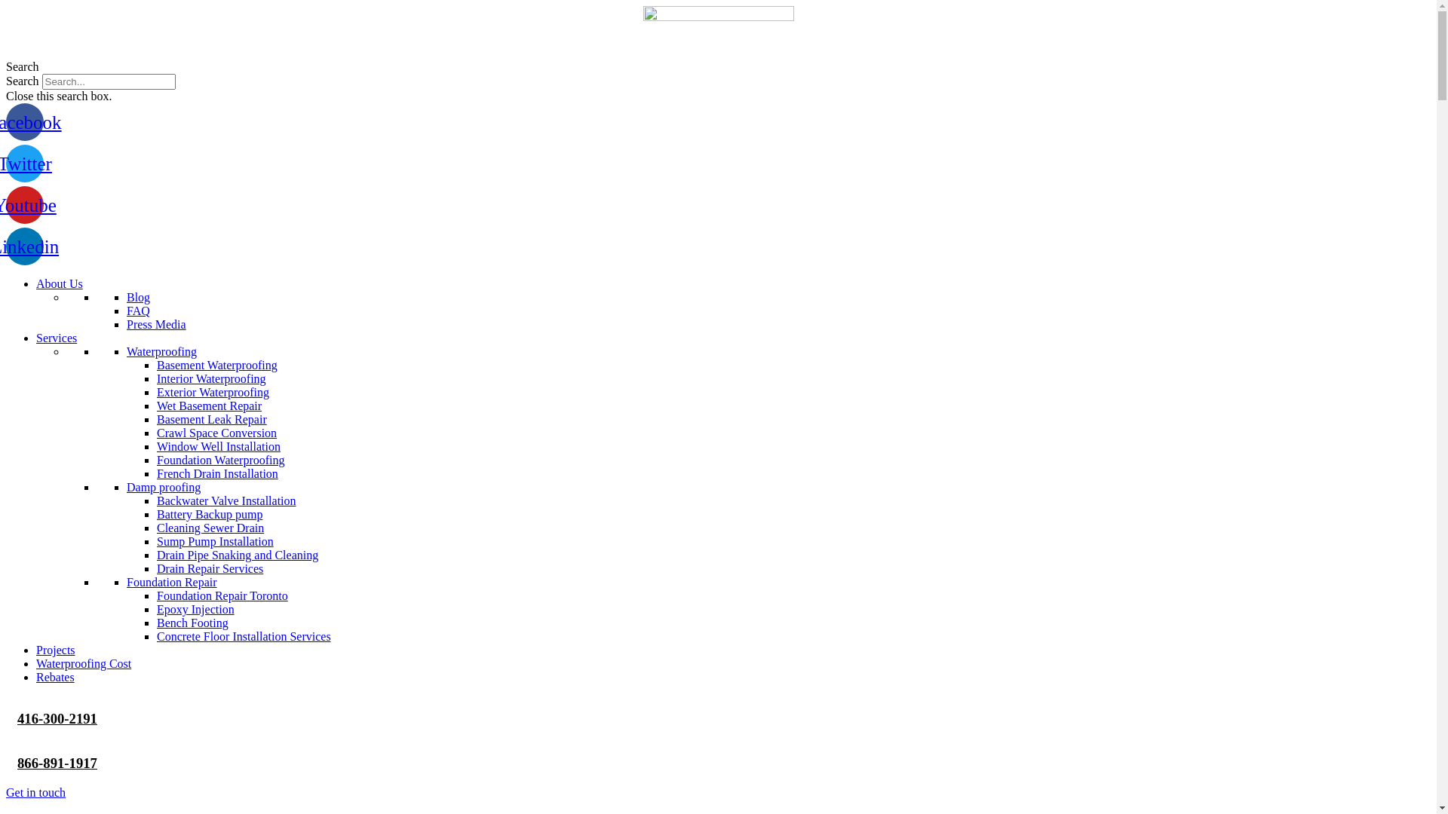 The image size is (1448, 814). Describe the element at coordinates (156, 365) in the screenshot. I see `'Basement Waterproofing'` at that location.